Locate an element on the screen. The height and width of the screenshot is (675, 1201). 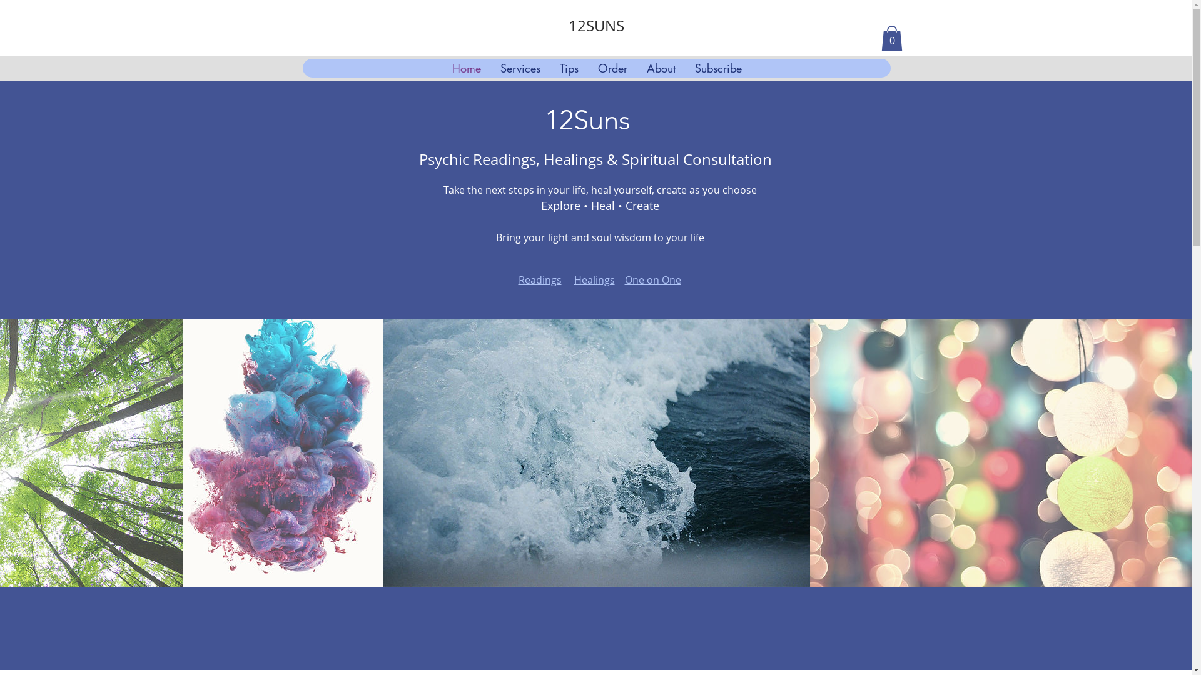
'Readings' is located at coordinates (518, 279).